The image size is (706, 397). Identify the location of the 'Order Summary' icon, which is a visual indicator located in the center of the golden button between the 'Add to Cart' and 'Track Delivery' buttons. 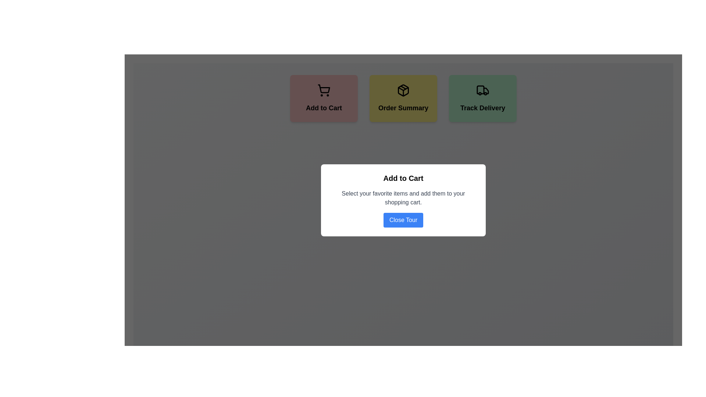
(403, 90).